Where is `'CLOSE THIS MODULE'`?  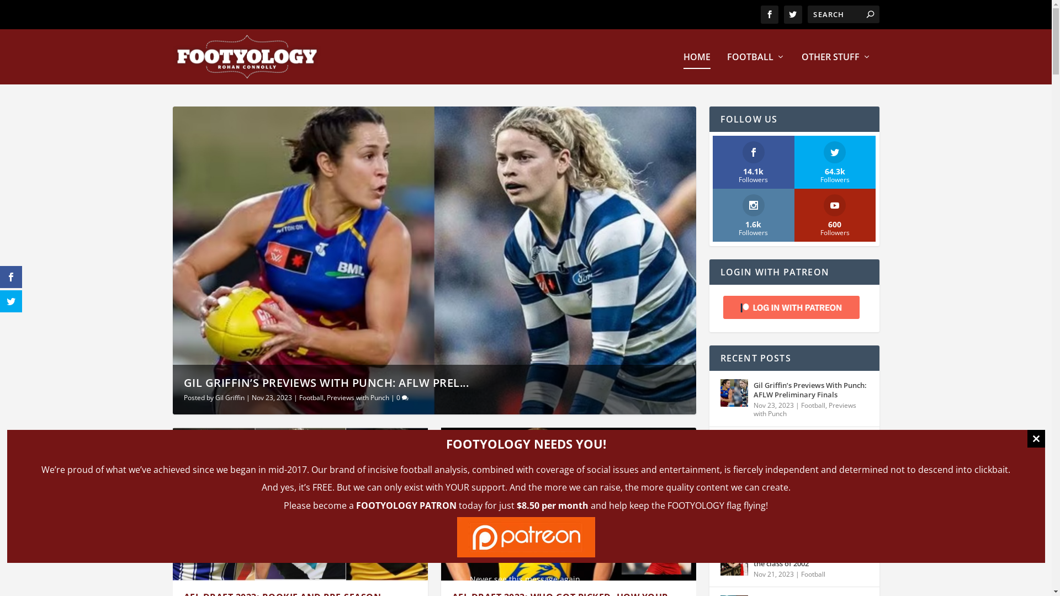
'CLOSE THIS MODULE' is located at coordinates (1035, 438).